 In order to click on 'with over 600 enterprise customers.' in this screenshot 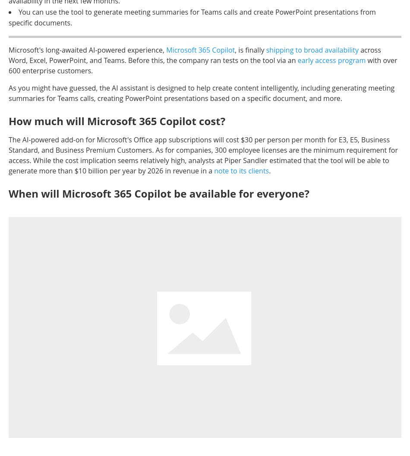, I will do `click(202, 65)`.